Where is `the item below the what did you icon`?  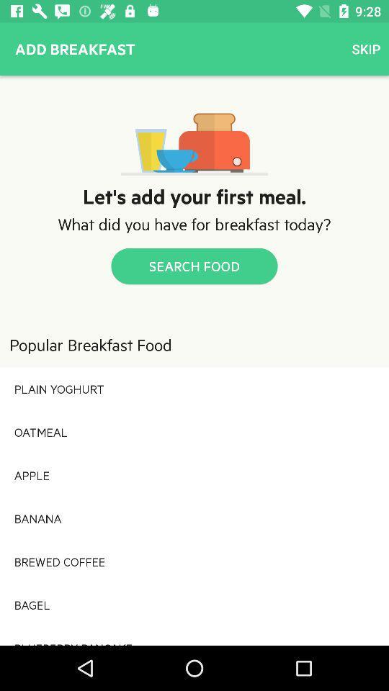
the item below the what did you icon is located at coordinates (194, 265).